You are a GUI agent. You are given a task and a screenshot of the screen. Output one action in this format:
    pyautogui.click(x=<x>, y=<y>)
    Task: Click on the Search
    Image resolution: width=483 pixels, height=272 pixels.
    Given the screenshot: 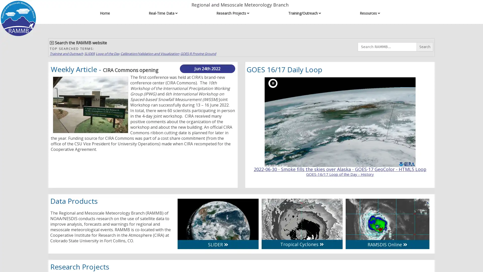 What is the action you would take?
    pyautogui.click(x=425, y=47)
    